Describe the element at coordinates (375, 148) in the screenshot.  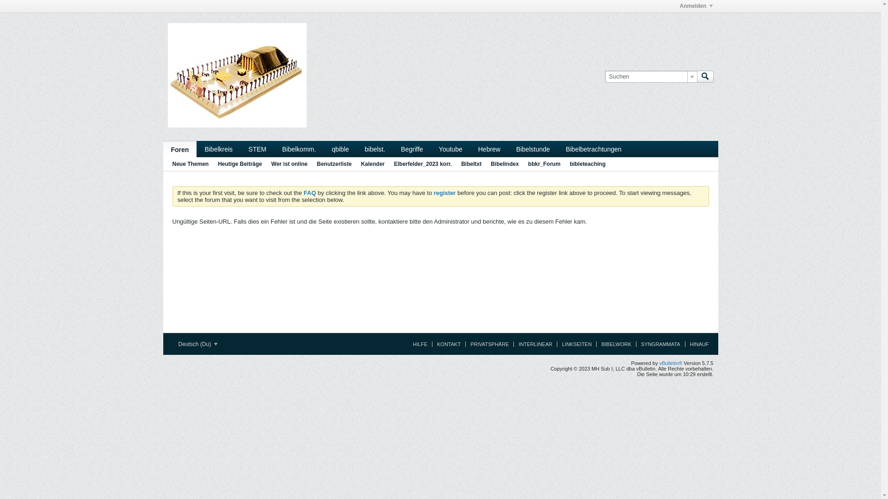
I see `'bibelst.'` at that location.